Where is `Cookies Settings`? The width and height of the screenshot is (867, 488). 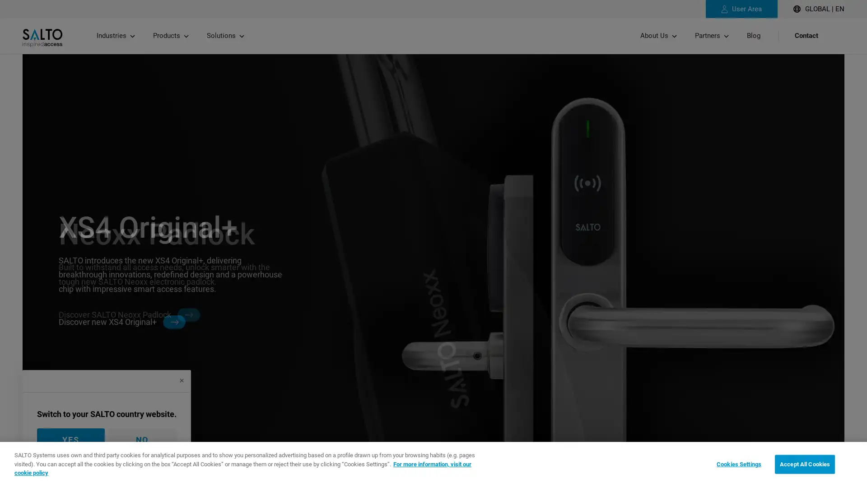
Cookies Settings is located at coordinates (739, 464).